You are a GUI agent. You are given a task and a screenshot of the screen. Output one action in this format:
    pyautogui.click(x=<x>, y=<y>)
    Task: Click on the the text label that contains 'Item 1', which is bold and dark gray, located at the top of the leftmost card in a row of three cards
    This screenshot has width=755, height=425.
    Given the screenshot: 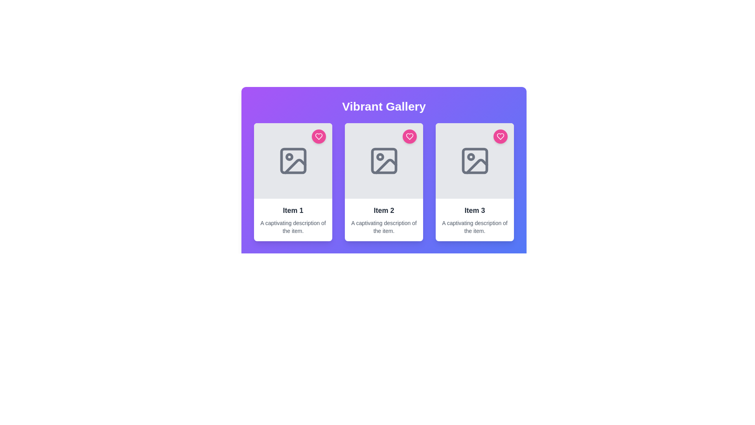 What is the action you would take?
    pyautogui.click(x=293, y=210)
    